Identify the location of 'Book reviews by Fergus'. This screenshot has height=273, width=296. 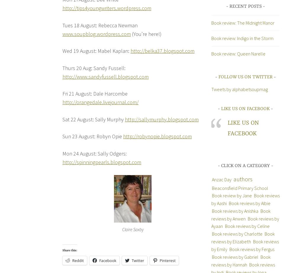
(251, 249).